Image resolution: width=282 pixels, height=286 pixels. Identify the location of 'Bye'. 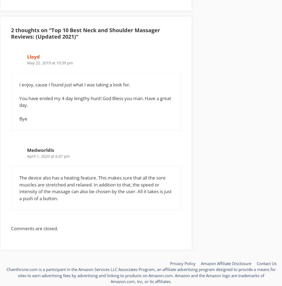
(23, 119).